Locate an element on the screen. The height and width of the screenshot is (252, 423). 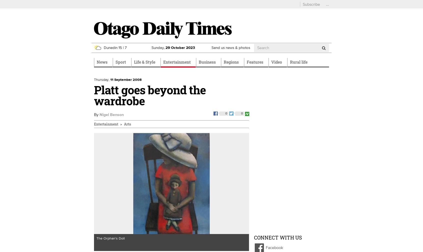
'Connect with us' is located at coordinates (277, 237).